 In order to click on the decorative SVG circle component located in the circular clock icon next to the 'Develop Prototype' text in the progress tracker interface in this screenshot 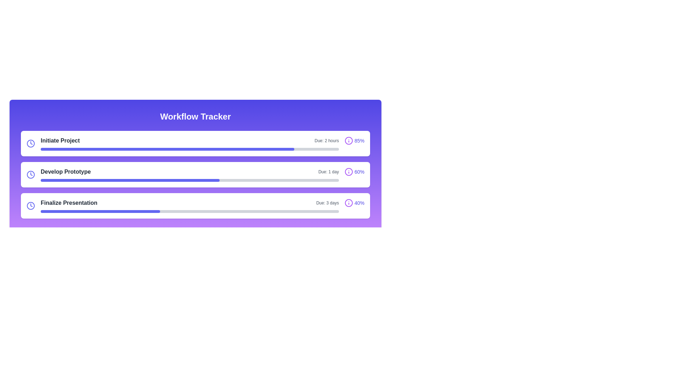, I will do `click(30, 174)`.